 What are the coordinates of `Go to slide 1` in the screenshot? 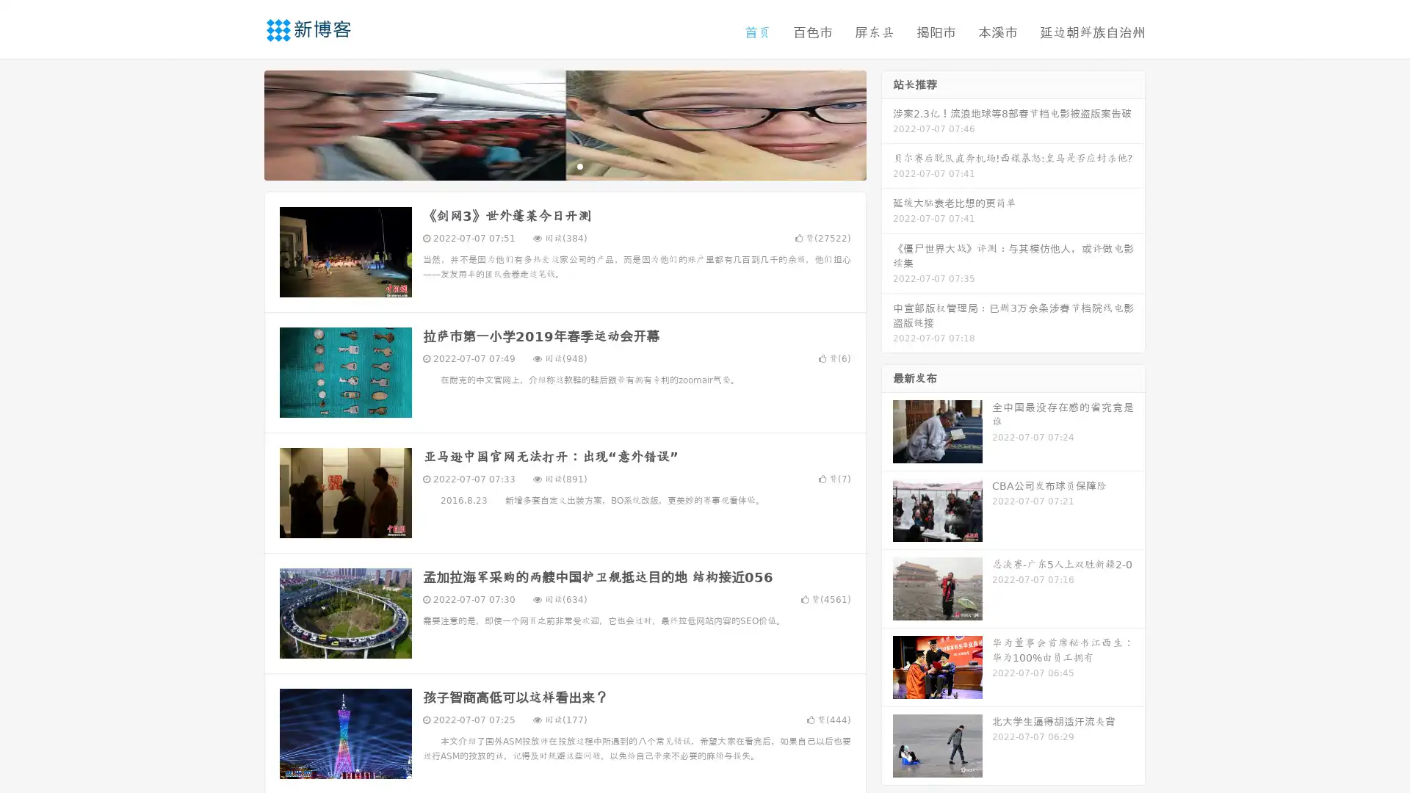 It's located at (549, 165).